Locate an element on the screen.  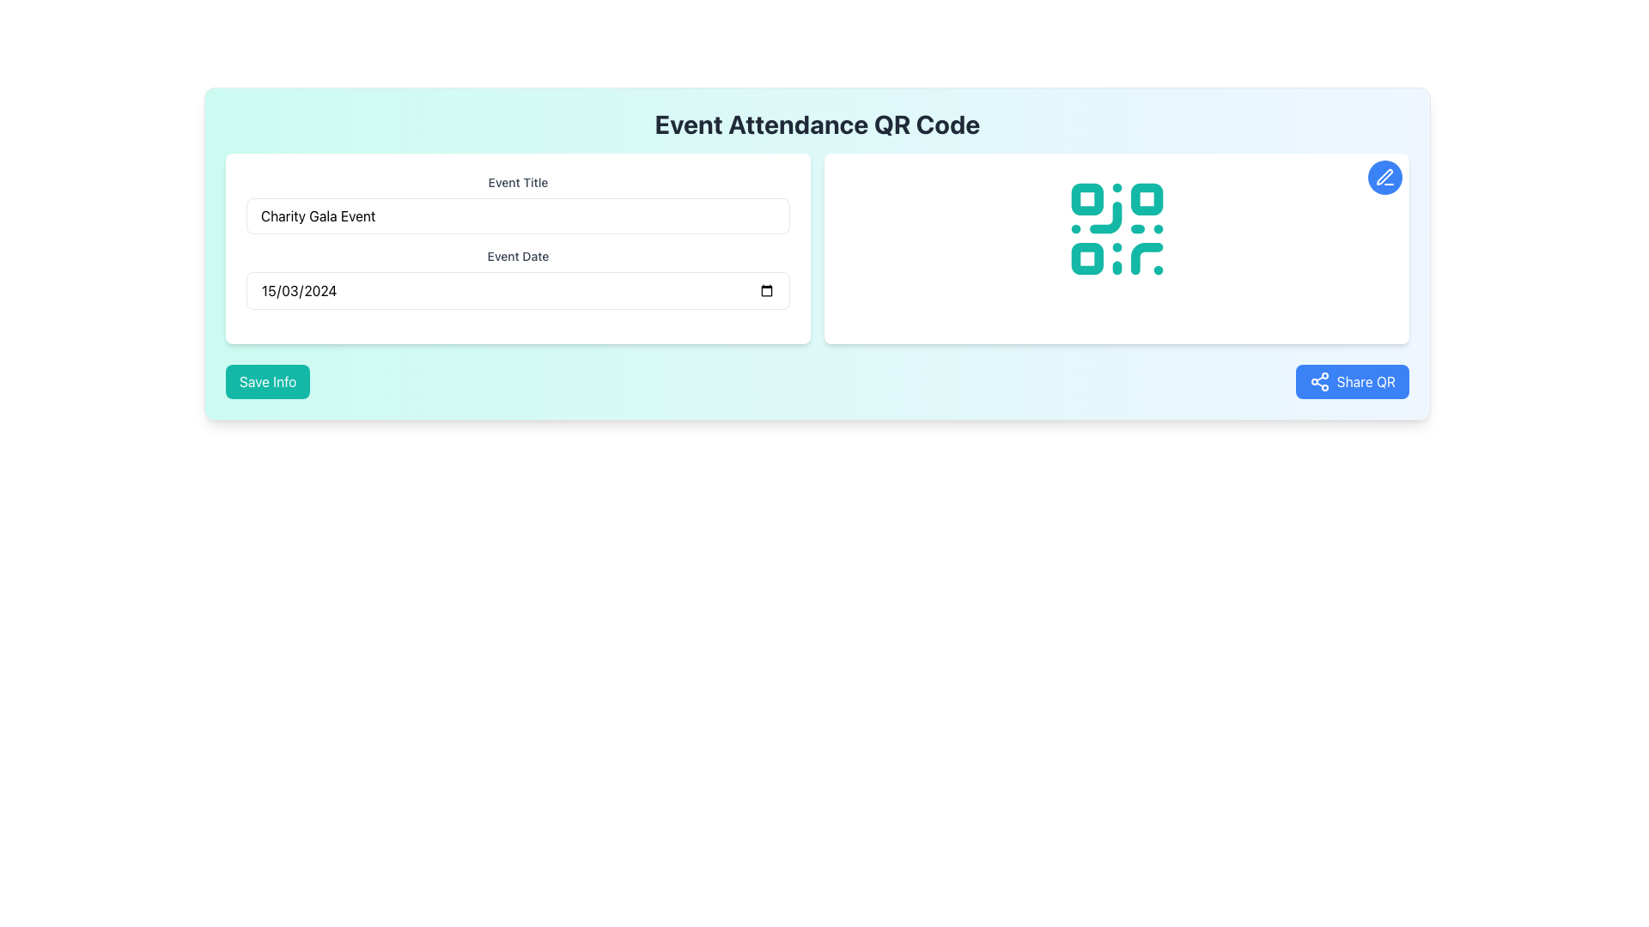
the small turquoise square located in the lower-left quadrant of the QR code, which has slightly rounded corners and is part of the QR code's graphical structure is located at coordinates (1086, 258).